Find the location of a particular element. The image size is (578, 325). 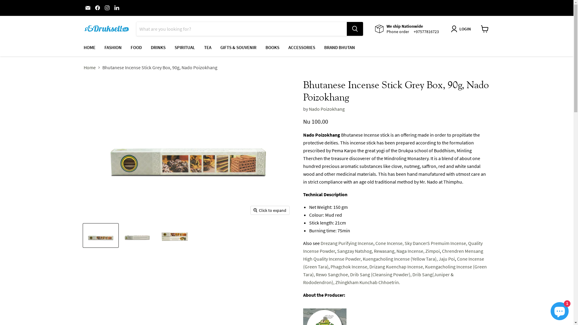

'TEA' is located at coordinates (199, 47).